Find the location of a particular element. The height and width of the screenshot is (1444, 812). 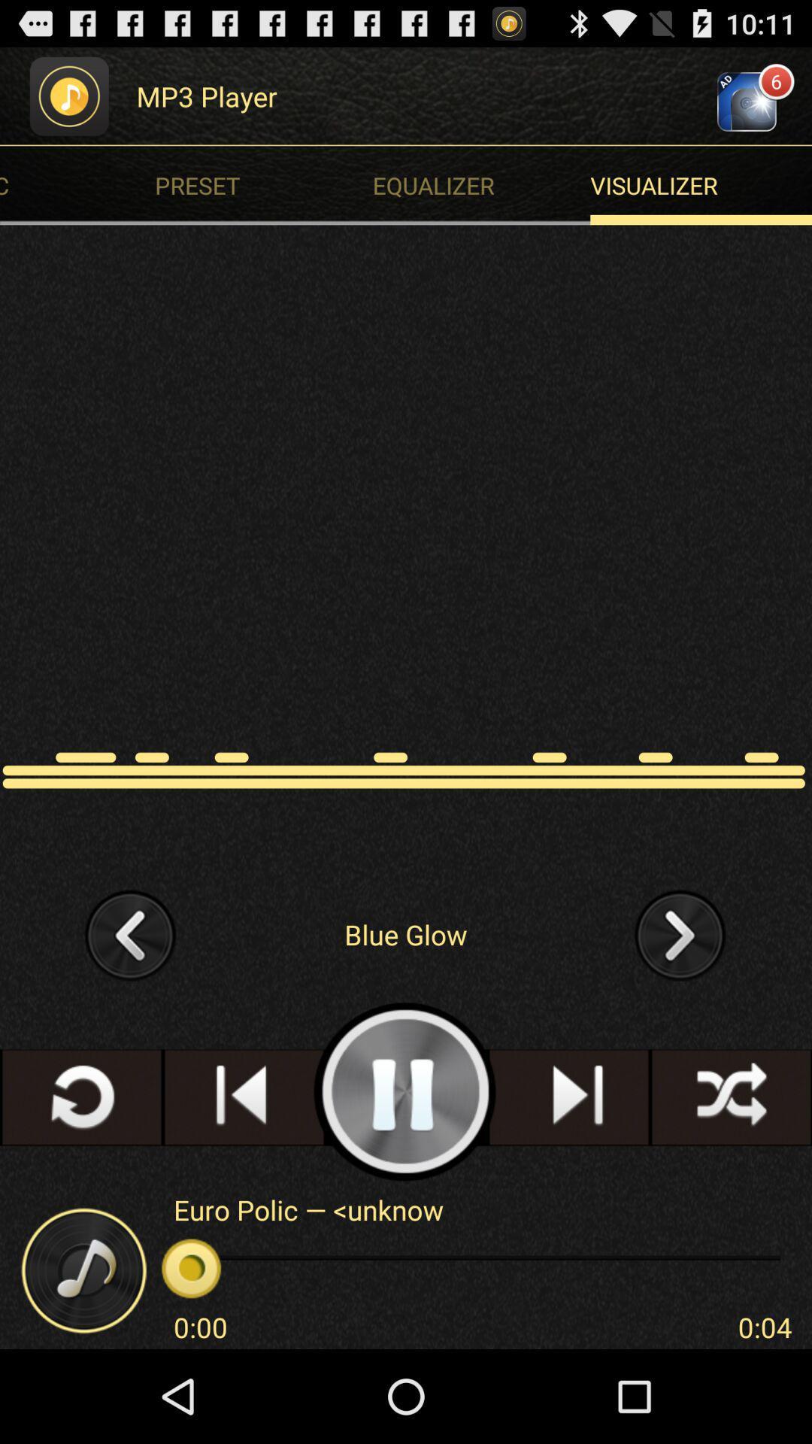

the item at the top is located at coordinates (485, 184).